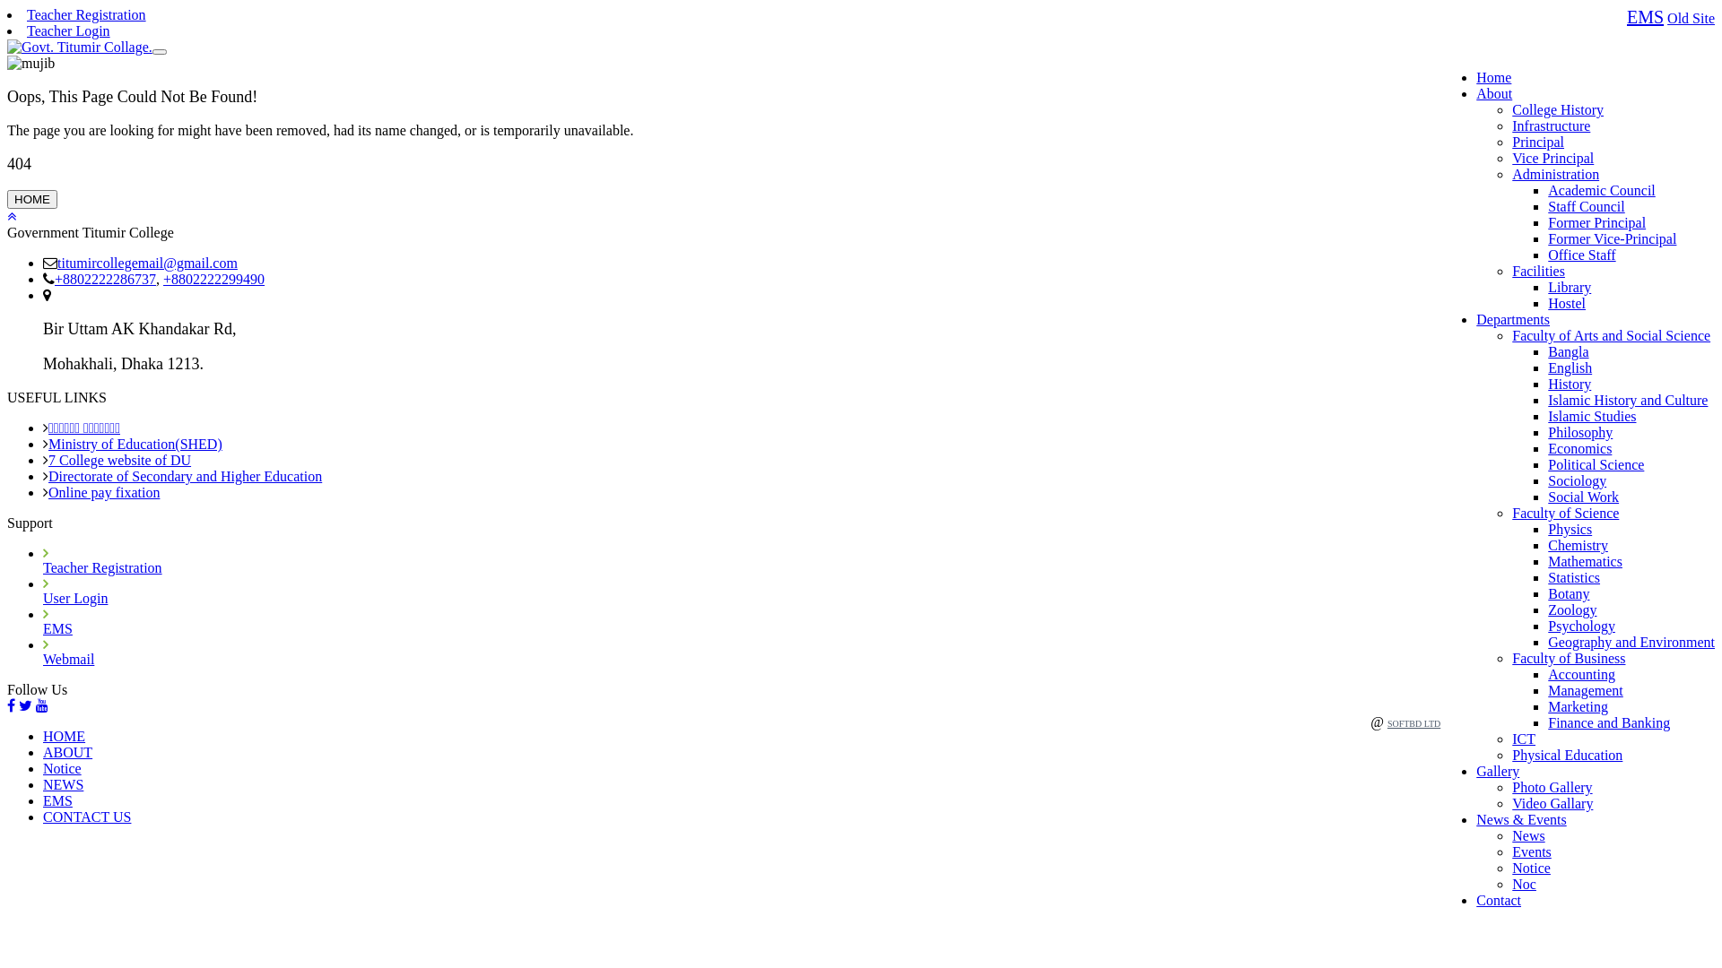 This screenshot has height=968, width=1722. I want to click on 'Directorate of Secondary and Higher Education', so click(185, 475).